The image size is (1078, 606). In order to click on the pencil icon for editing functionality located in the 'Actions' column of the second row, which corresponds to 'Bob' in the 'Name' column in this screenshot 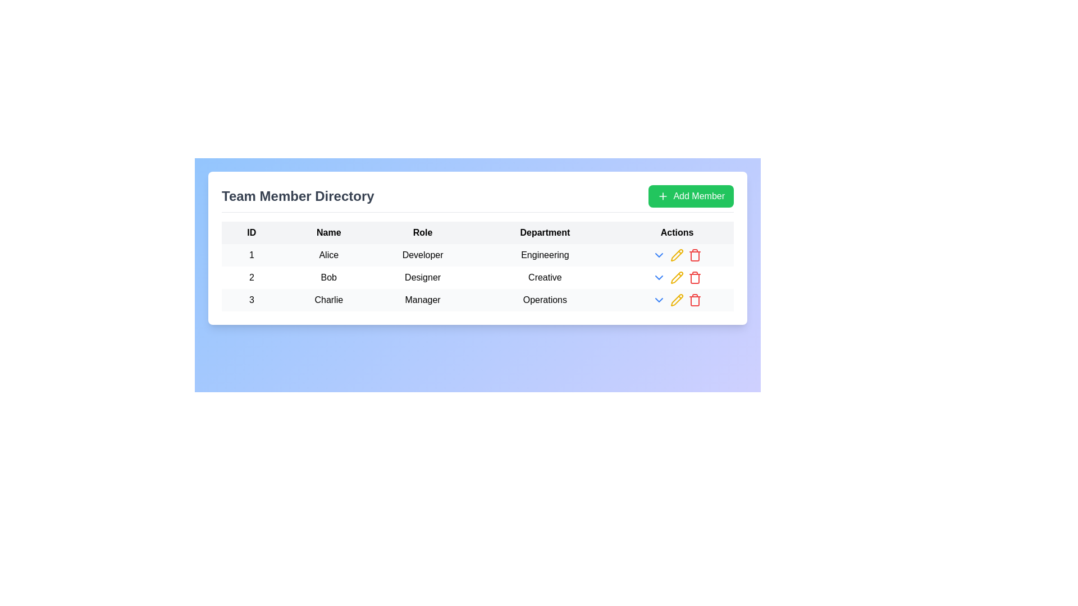, I will do `click(677, 277)`.